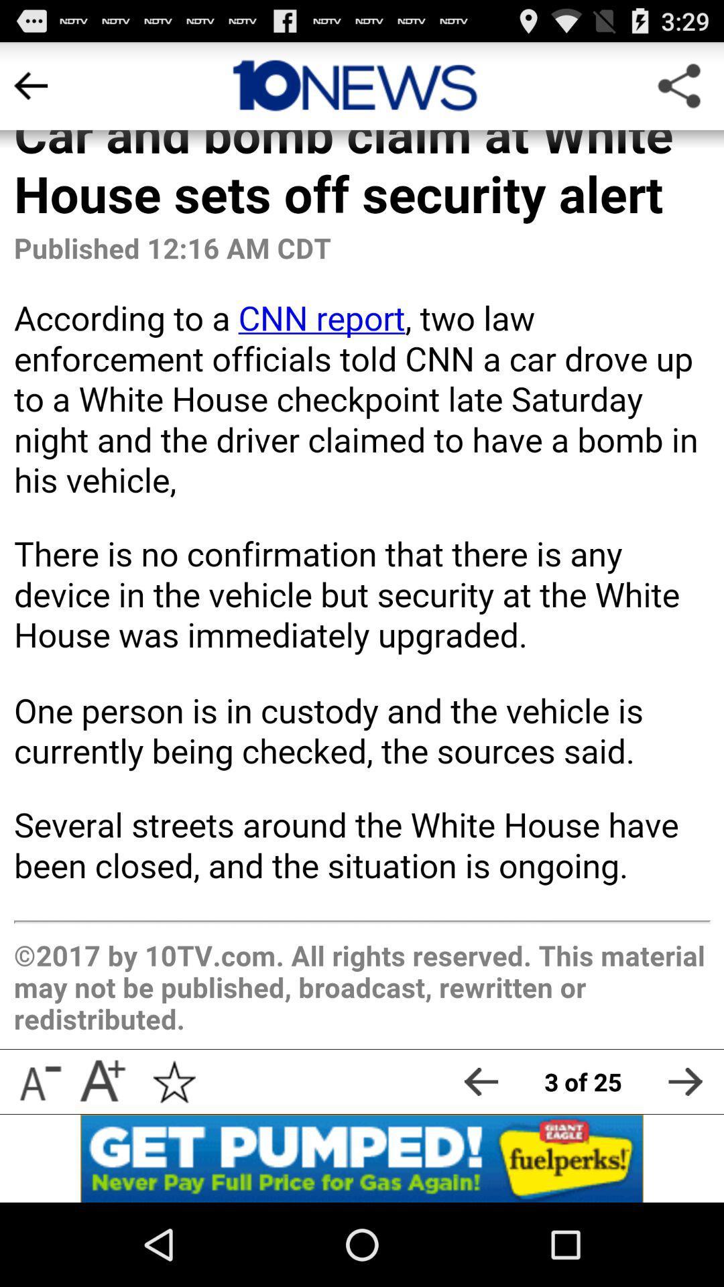 The width and height of the screenshot is (724, 1287). Describe the element at coordinates (174, 1157) in the screenshot. I see `the star icon` at that location.